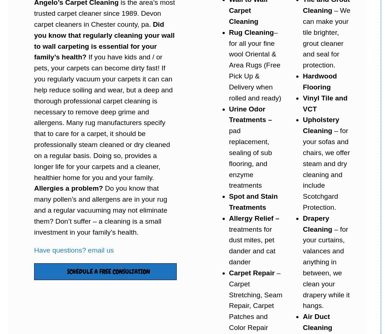 The image size is (385, 334). Describe the element at coordinates (317, 322) in the screenshot. I see `'Air Duct Cleaning'` at that location.